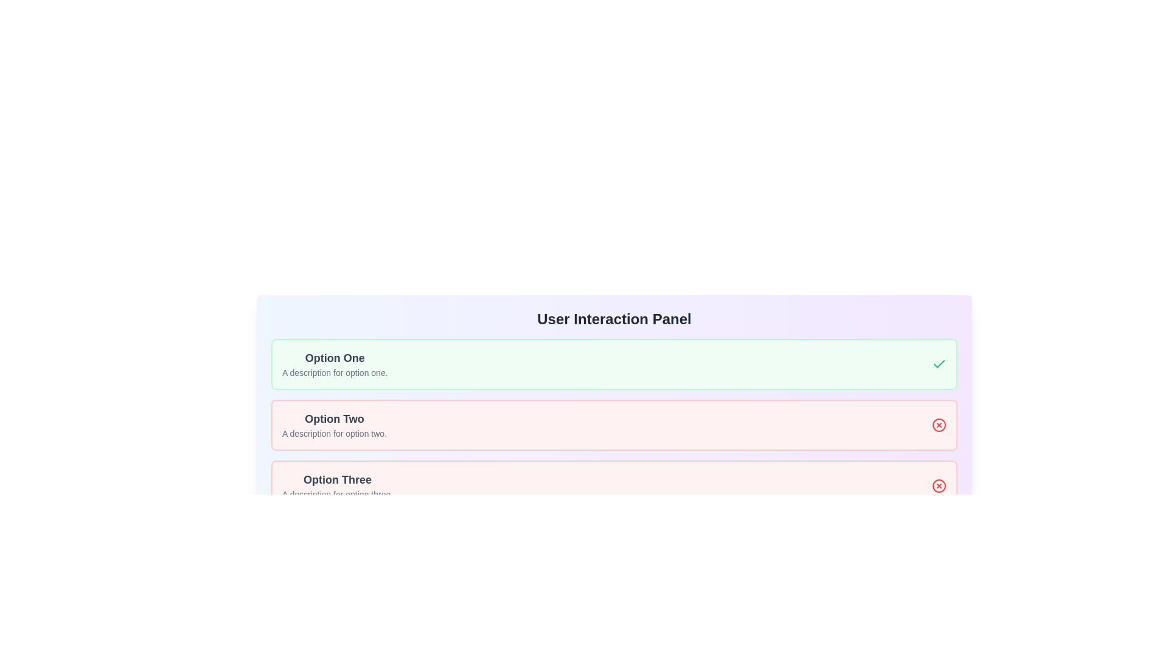  Describe the element at coordinates (338, 485) in the screenshot. I see `the Text Content Group that presents the title and description for the third selectable option, located centrally in the third section below 'Option One' and 'Option Two'` at that location.